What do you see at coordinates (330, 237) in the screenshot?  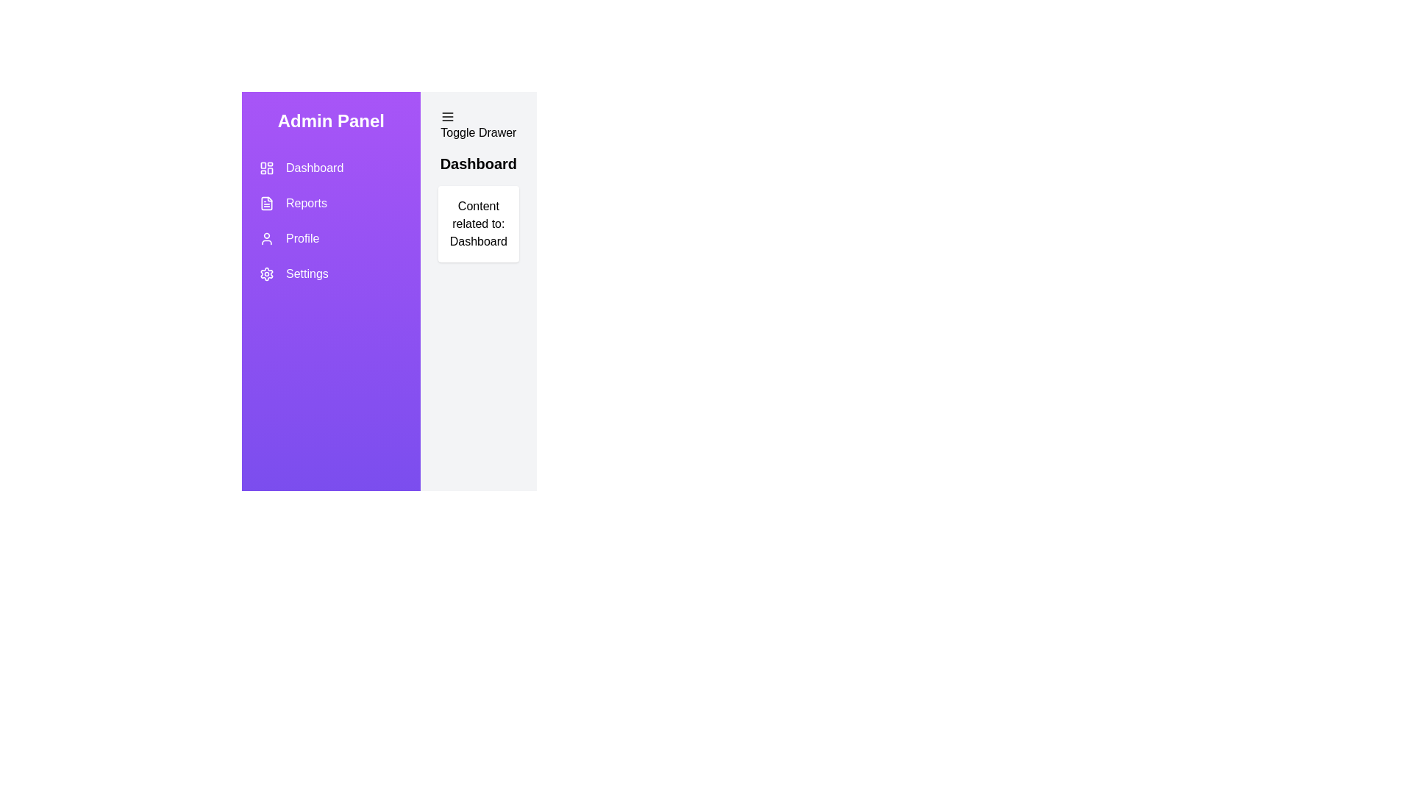 I see `the Profile section from the navigation menu` at bounding box center [330, 237].